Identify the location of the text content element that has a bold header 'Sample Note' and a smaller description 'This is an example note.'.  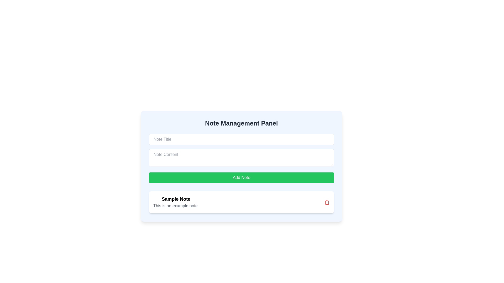
(176, 202).